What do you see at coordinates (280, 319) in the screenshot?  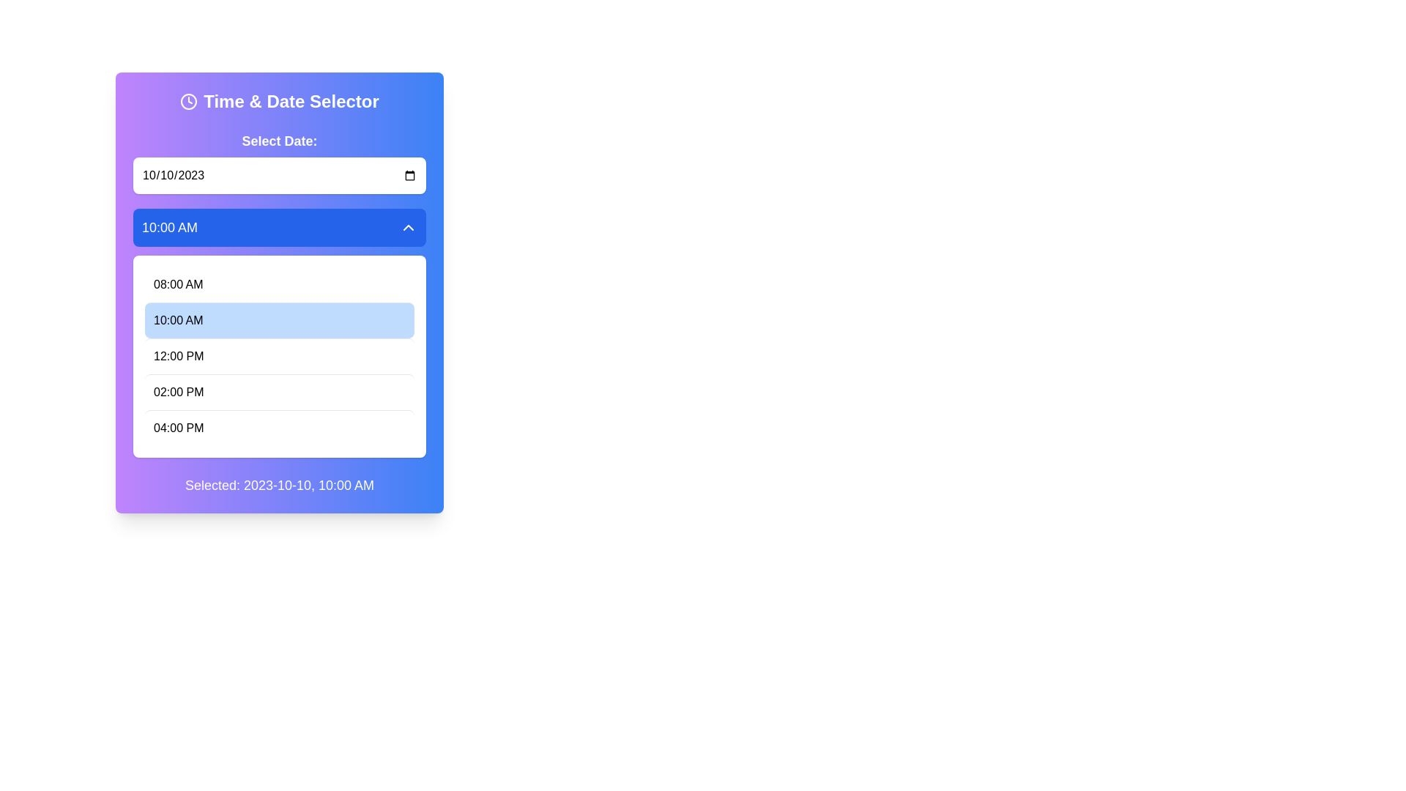 I see `the selectable list item element displaying '10:00 AM'` at bounding box center [280, 319].